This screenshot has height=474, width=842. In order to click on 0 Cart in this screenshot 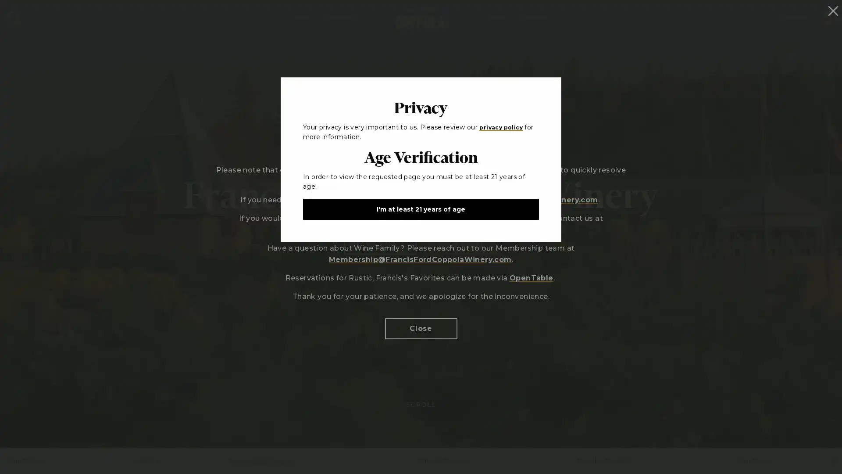, I will do `click(827, 17)`.